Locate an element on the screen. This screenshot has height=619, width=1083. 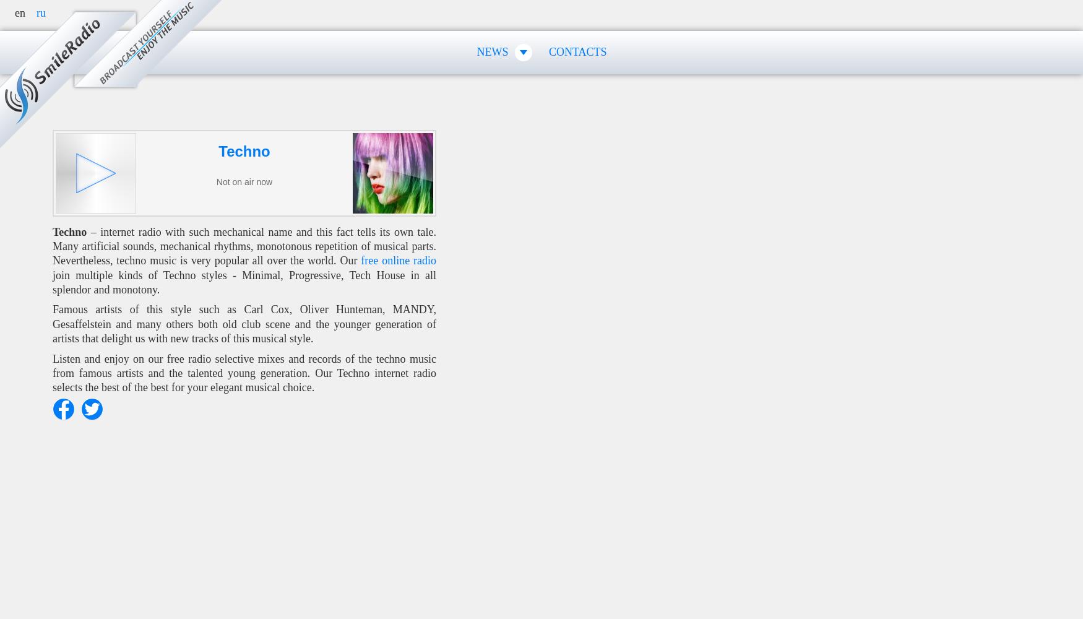
'join multiple kinds of Techno styles - Minimal, Progressive, Tech House in all splendor and monotony.' is located at coordinates (243, 282).